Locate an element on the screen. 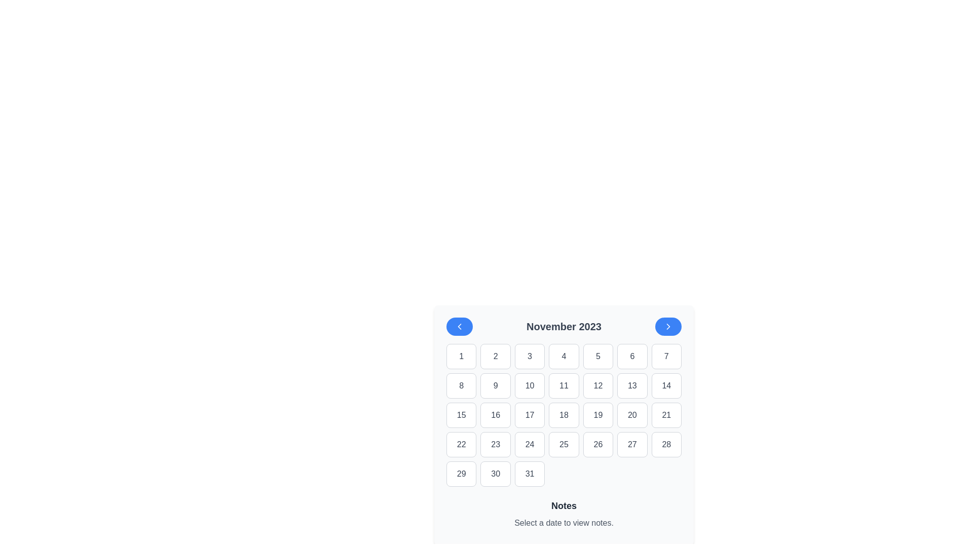  the square button containing the numeral '8' is located at coordinates (461, 386).